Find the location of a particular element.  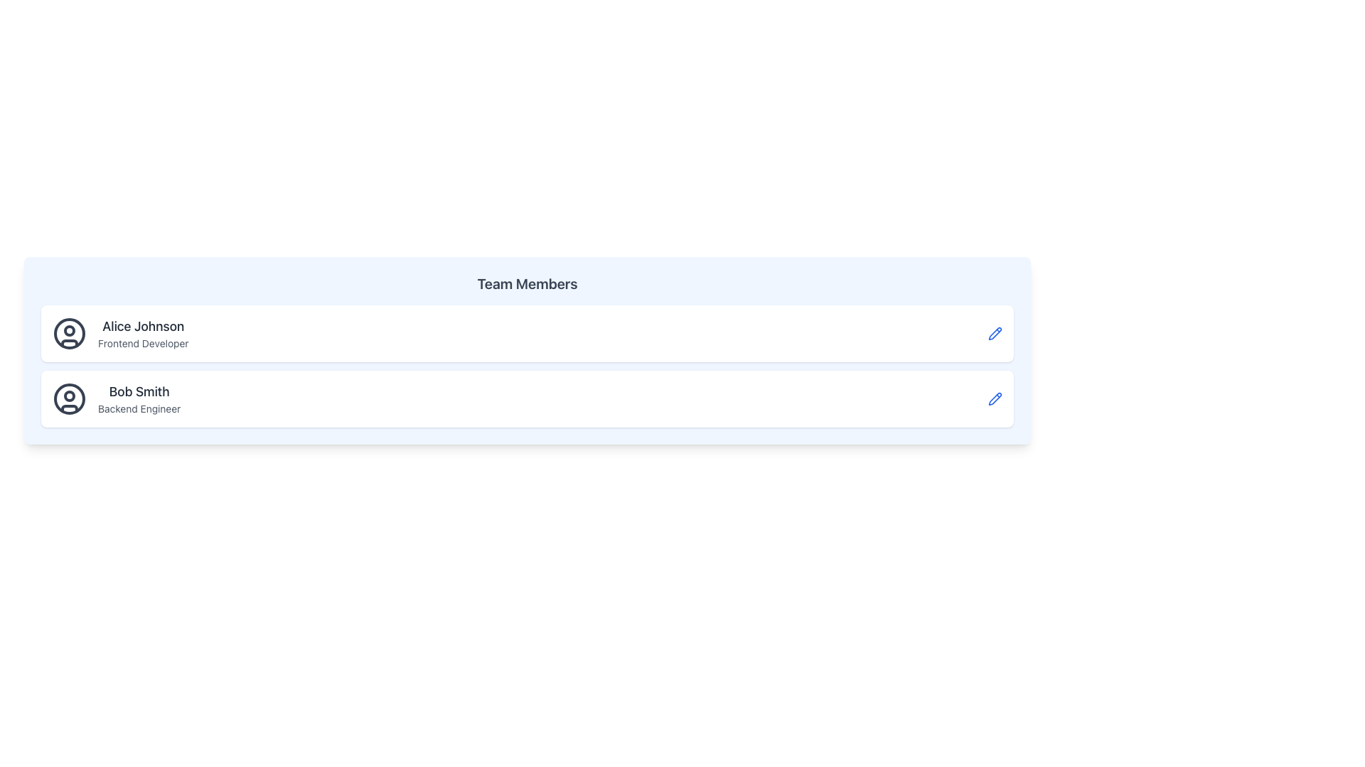

the user profile icon located to the left of the text 'Alice Johnson' and 'Frontend Developer' in the first list item of the vertical list is located at coordinates (68, 334).